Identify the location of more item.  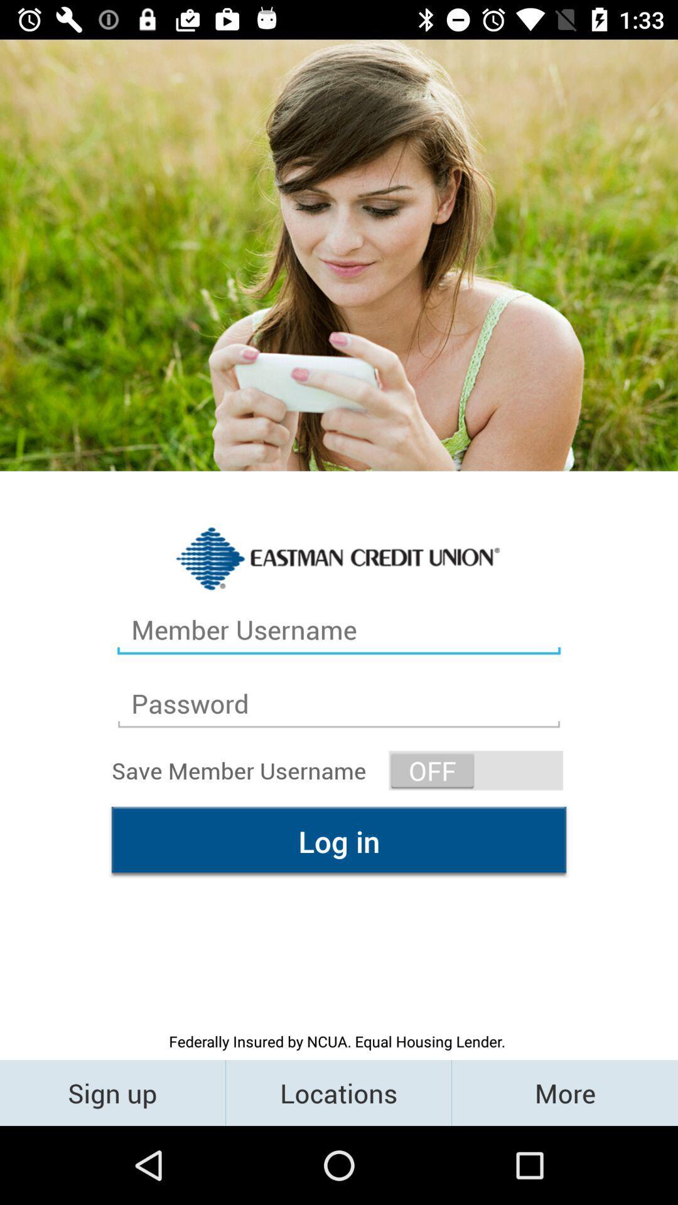
(564, 1092).